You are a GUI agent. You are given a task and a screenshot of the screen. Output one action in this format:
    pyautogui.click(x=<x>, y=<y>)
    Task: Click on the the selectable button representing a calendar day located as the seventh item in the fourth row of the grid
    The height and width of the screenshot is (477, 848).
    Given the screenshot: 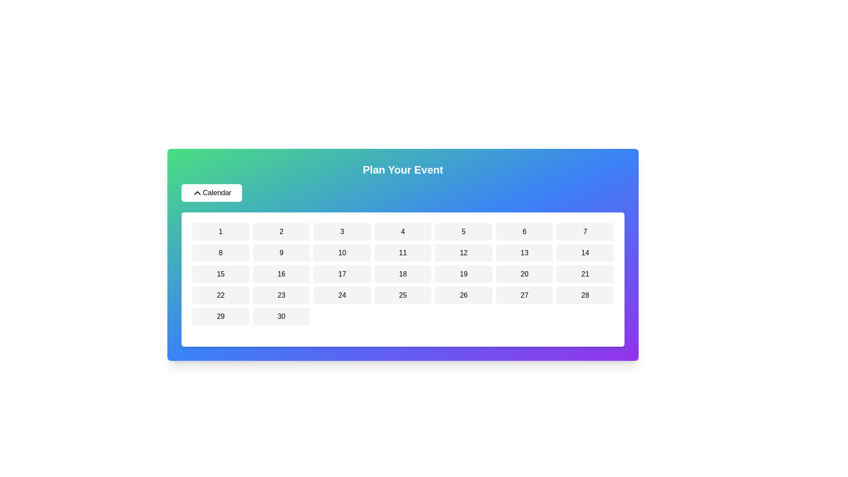 What is the action you would take?
    pyautogui.click(x=220, y=295)
    